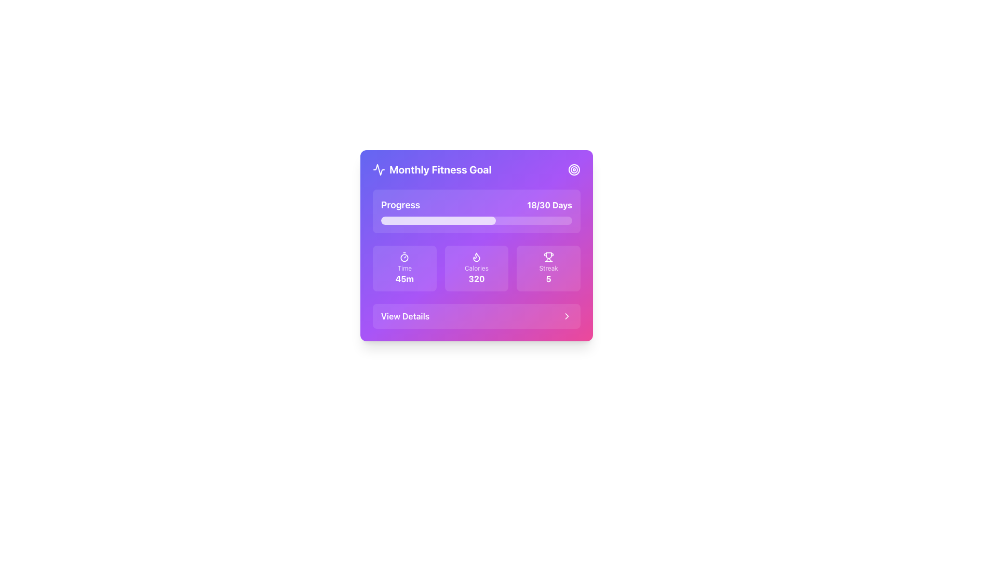 The height and width of the screenshot is (561, 997). I want to click on the numerical calorie count element associated with the 'Calories' label in the 'Monthly Fitness Goal' section, located in the middle column of a three-column layout, so click(476, 278).